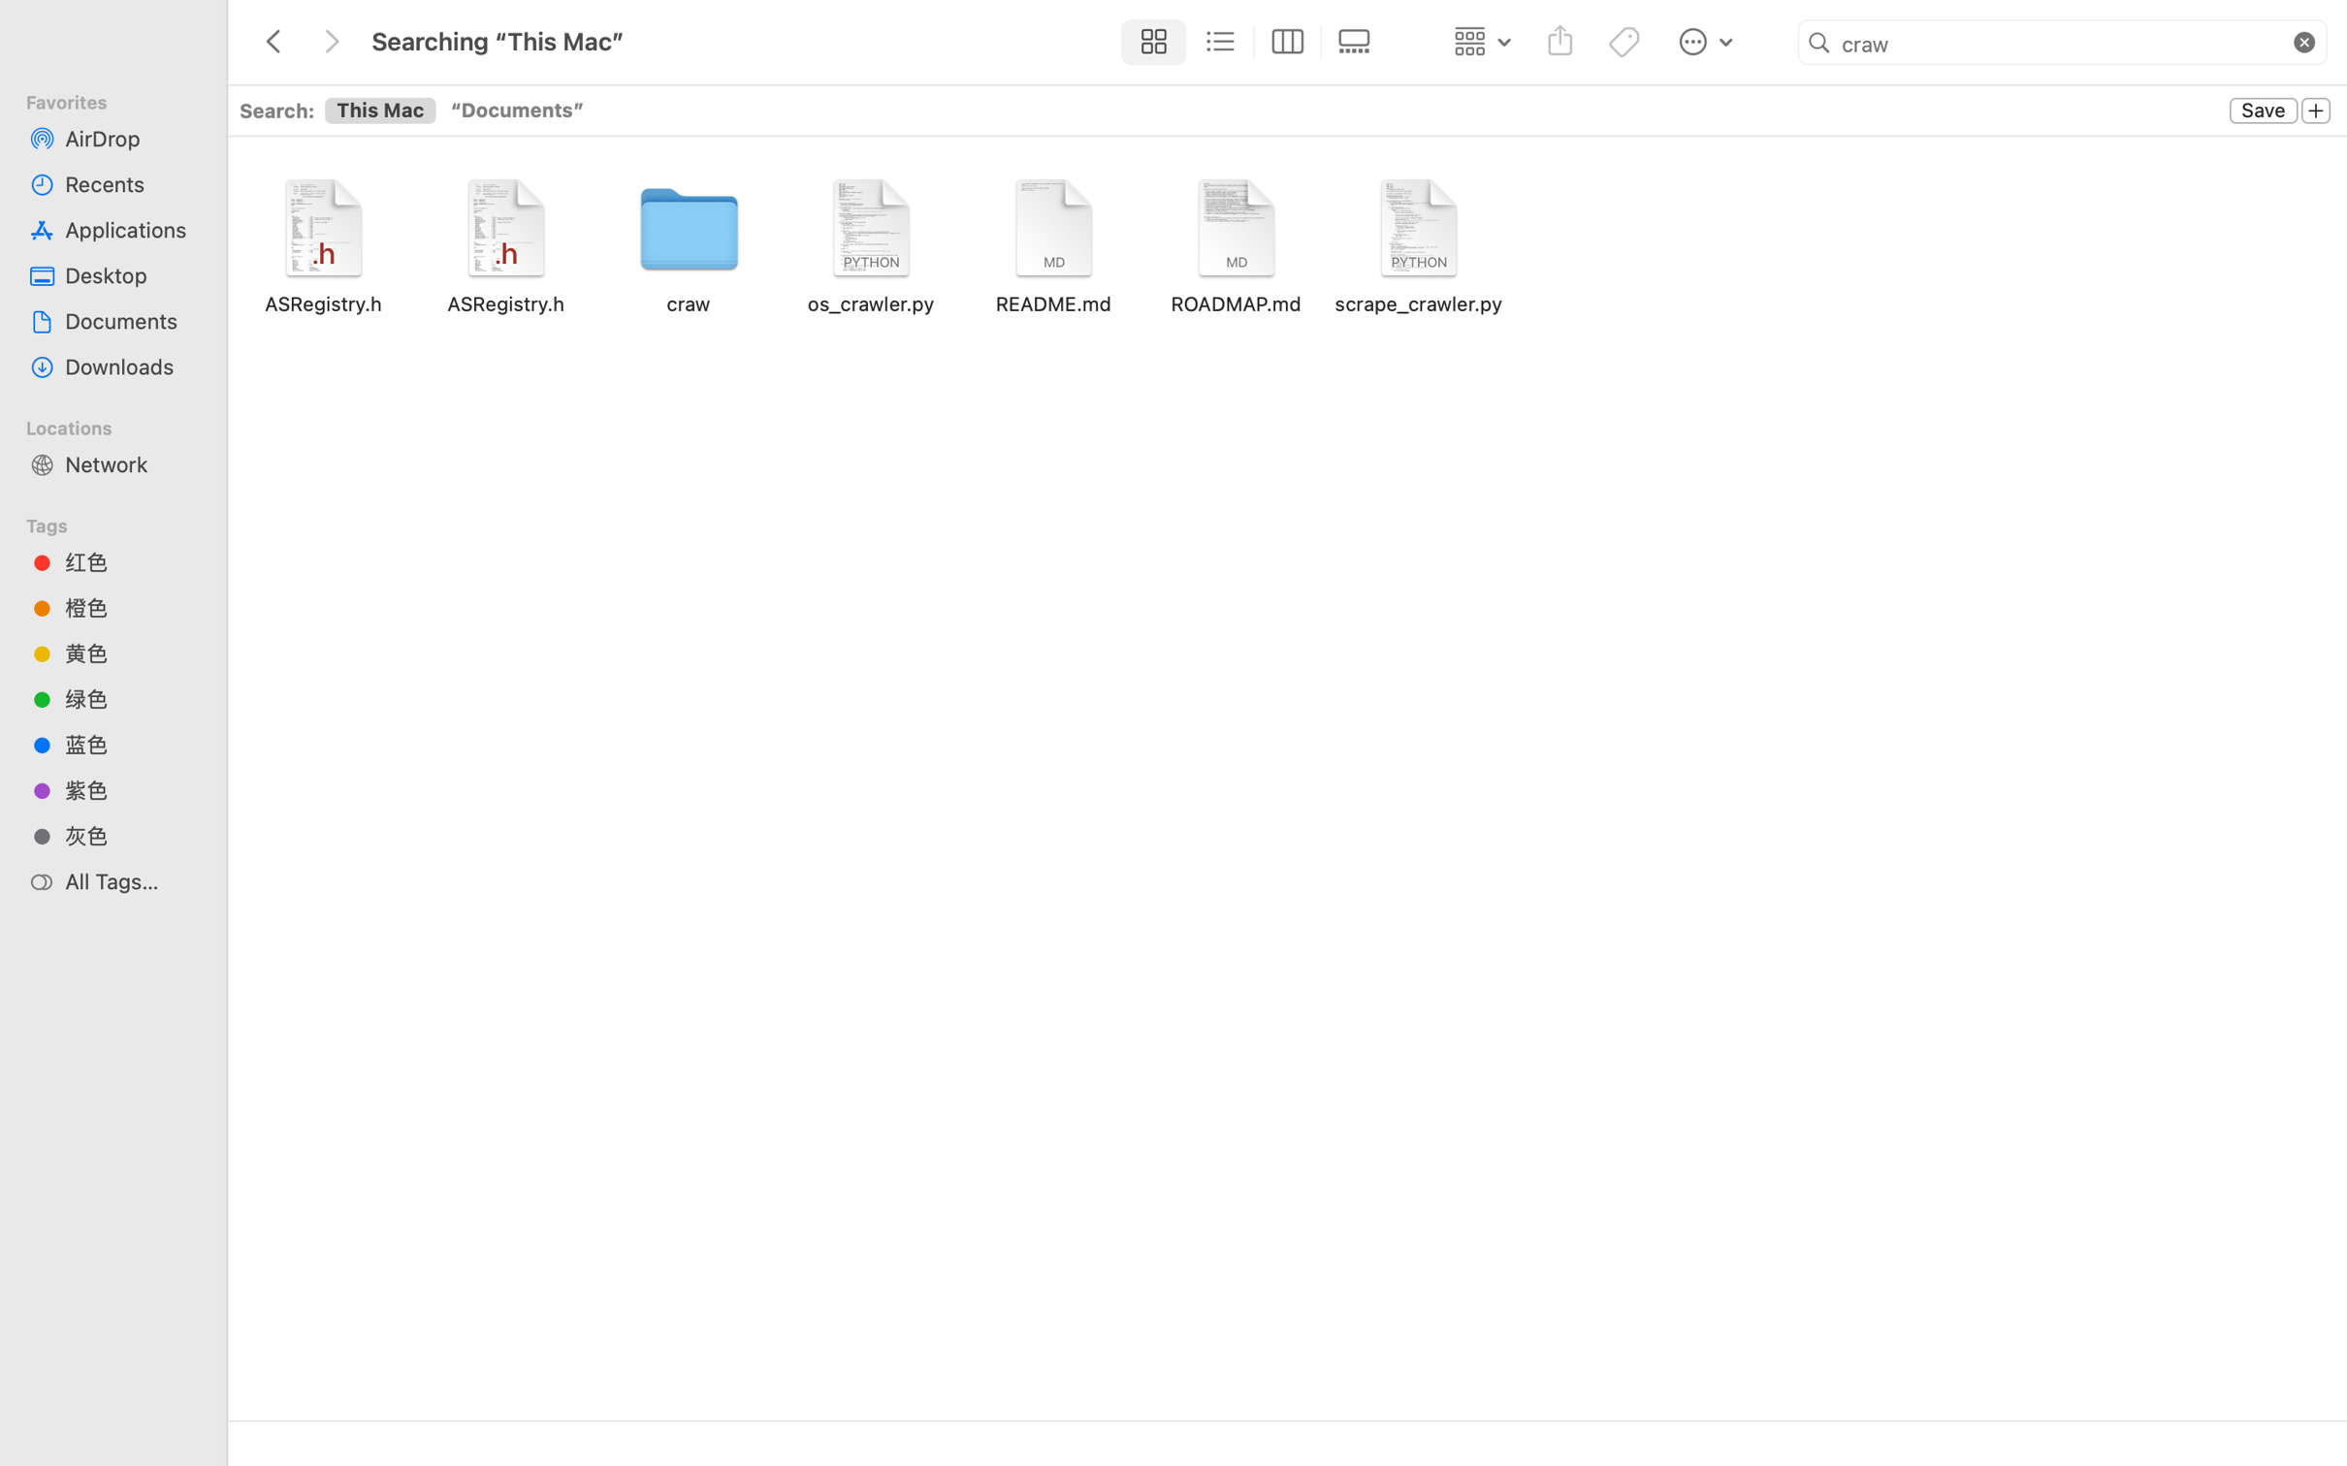 This screenshot has width=2347, height=1466. Describe the element at coordinates (130, 560) in the screenshot. I see `'红色'` at that location.